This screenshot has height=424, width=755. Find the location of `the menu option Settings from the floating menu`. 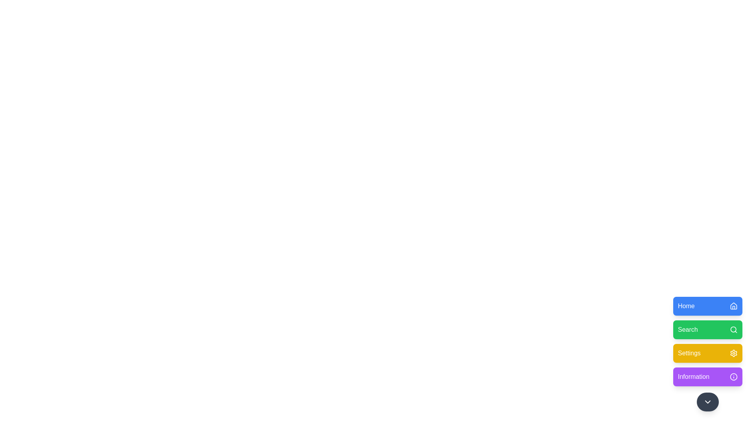

the menu option Settings from the floating menu is located at coordinates (708, 353).